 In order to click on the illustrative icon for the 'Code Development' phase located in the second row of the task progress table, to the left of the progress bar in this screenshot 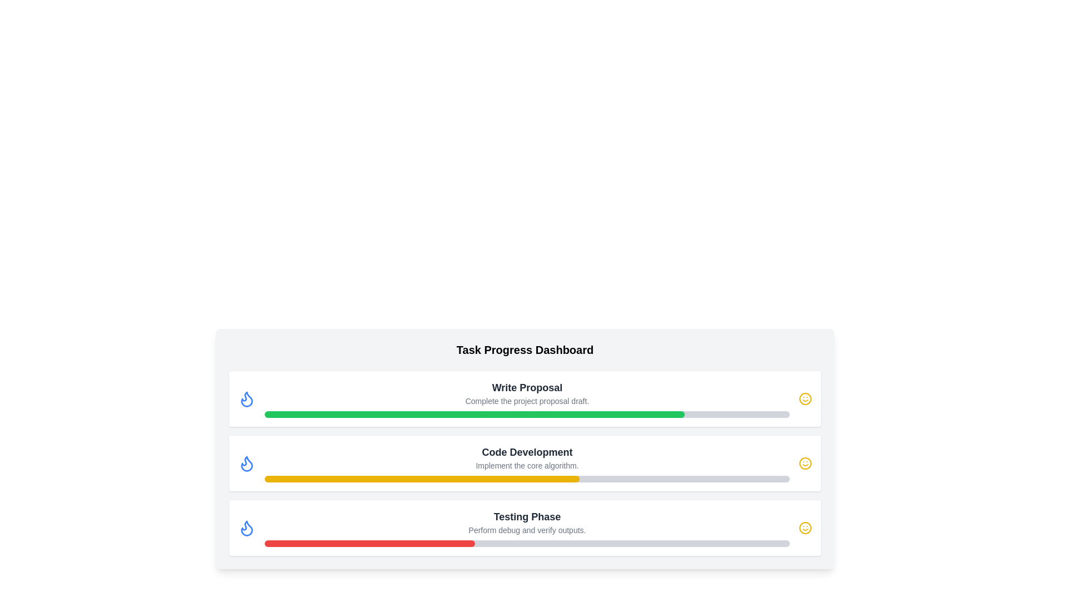, I will do `click(246, 464)`.